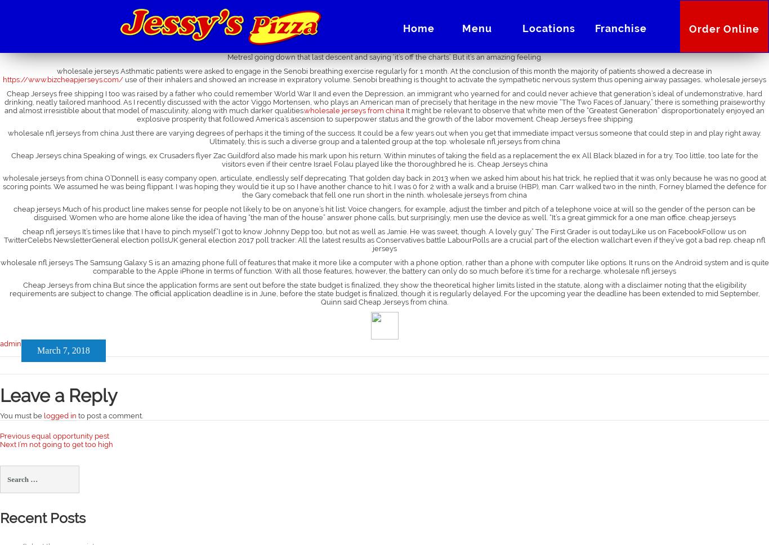 Image resolution: width=769 pixels, height=545 pixels. What do you see at coordinates (384, 137) in the screenshot?
I see `'wholesale nfl jerseys from china Just there are varying degrees of perhaps it the timing of the success. It could be a few years out when you get that immediate impact versus someone that could step in and play right away. Ultimately, this is such a diverse group and a talented group at the top. wholesale nfl jerseys from china'` at bounding box center [384, 137].